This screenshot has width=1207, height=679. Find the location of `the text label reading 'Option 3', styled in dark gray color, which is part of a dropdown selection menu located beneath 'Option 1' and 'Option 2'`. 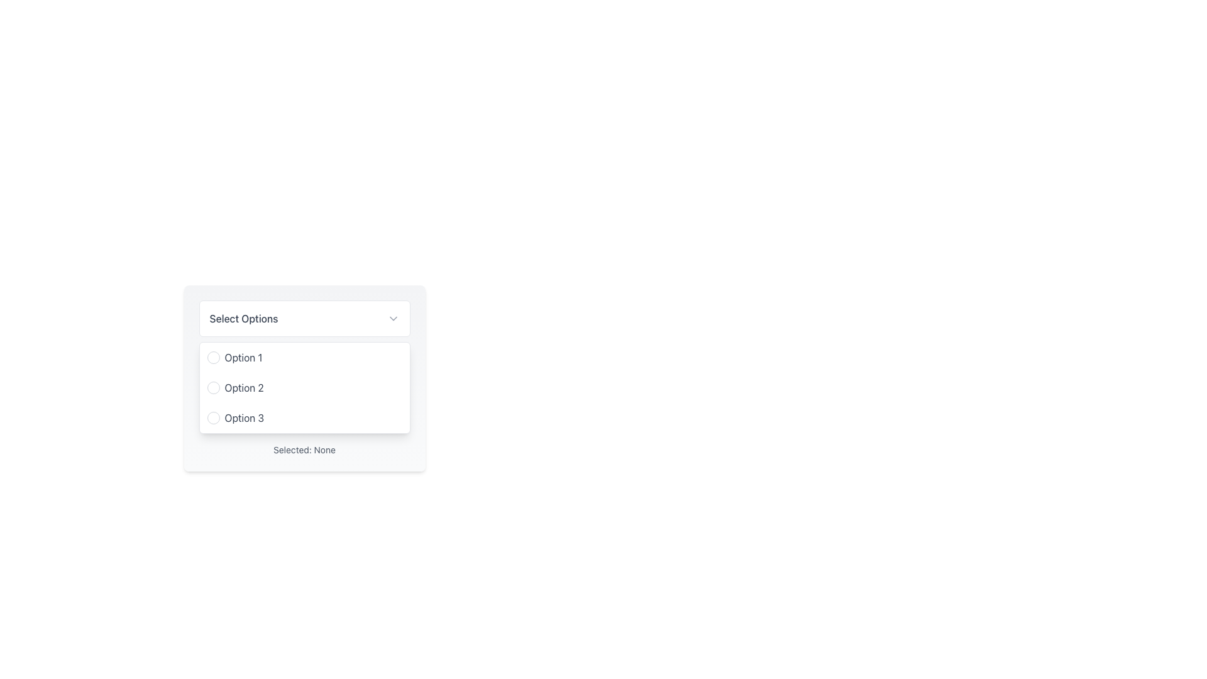

the text label reading 'Option 3', styled in dark gray color, which is part of a dropdown selection menu located beneath 'Option 1' and 'Option 2' is located at coordinates (244, 417).